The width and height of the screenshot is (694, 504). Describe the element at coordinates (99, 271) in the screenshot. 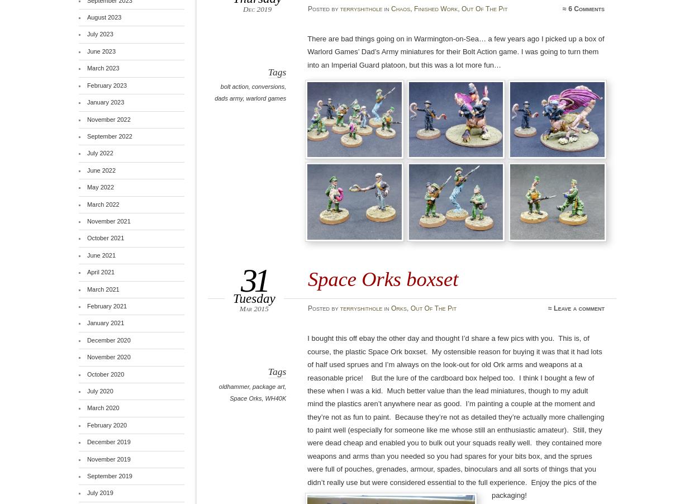

I see `'April 2021'` at that location.